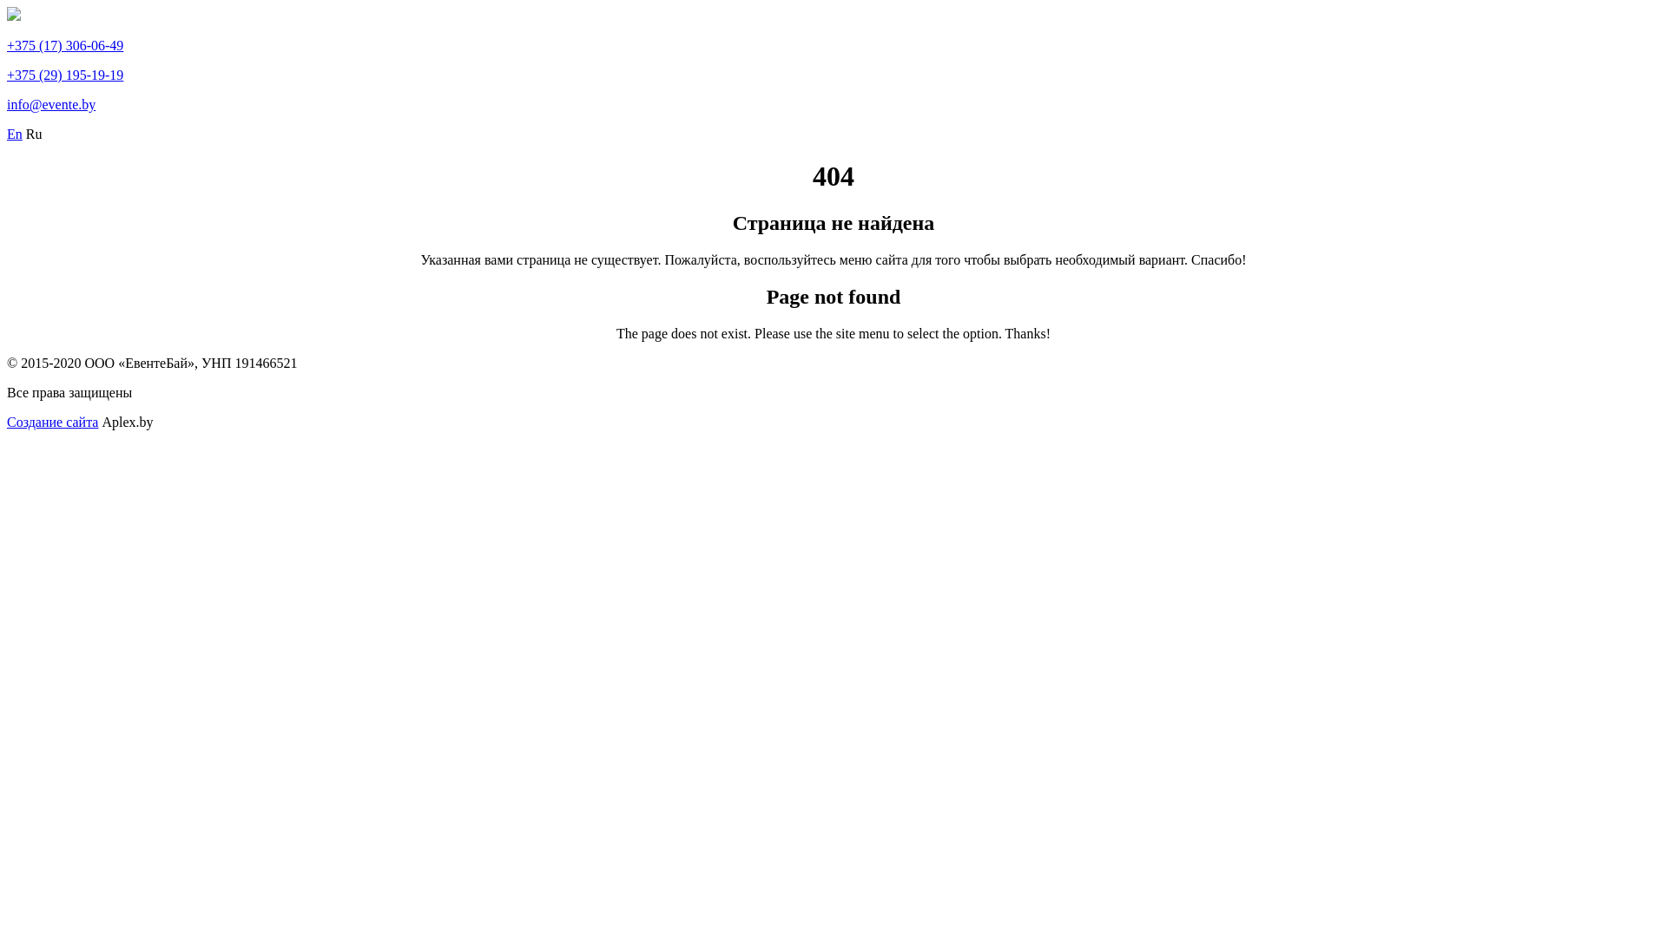  What do you see at coordinates (7, 74) in the screenshot?
I see `'+375 (29) 195-19-19'` at bounding box center [7, 74].